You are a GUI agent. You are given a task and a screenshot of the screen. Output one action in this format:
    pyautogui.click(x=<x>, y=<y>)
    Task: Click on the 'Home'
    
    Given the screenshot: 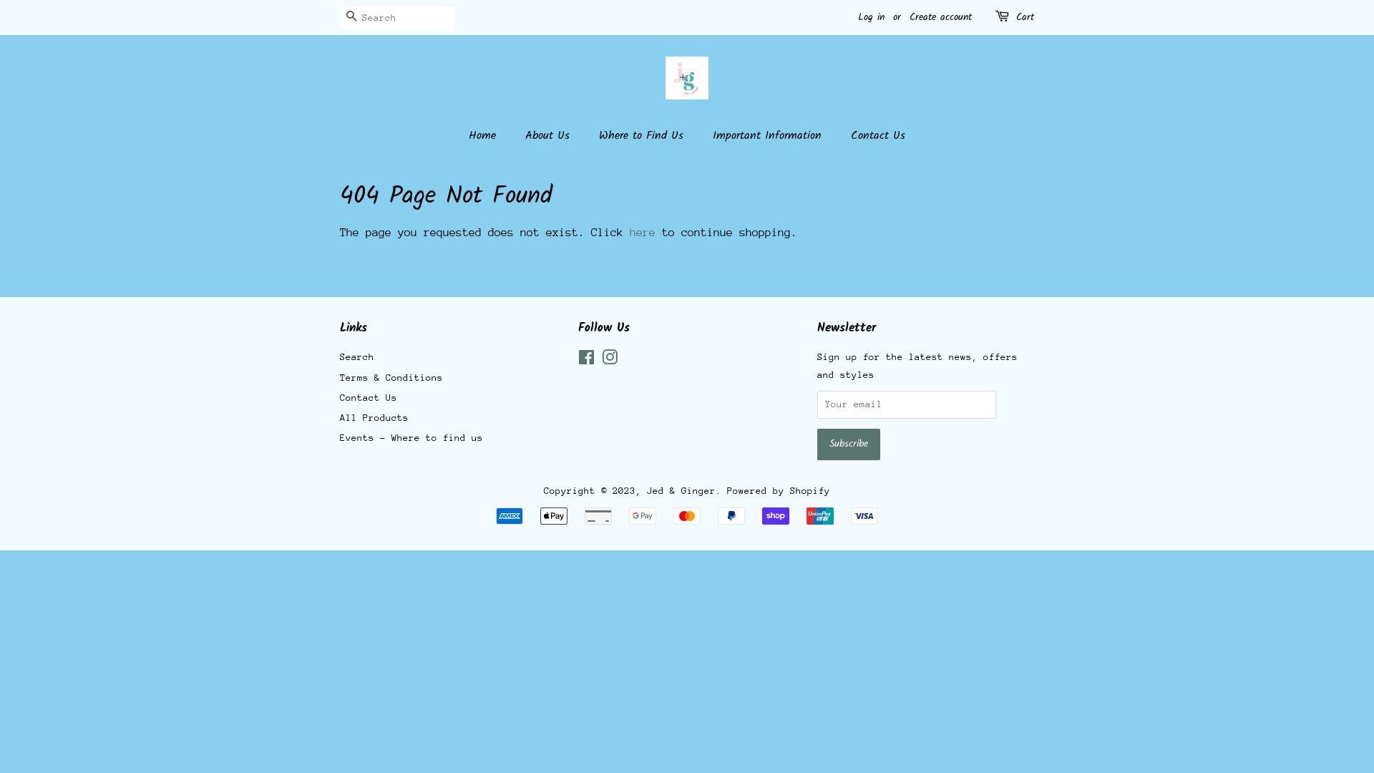 What is the action you would take?
    pyautogui.click(x=468, y=135)
    